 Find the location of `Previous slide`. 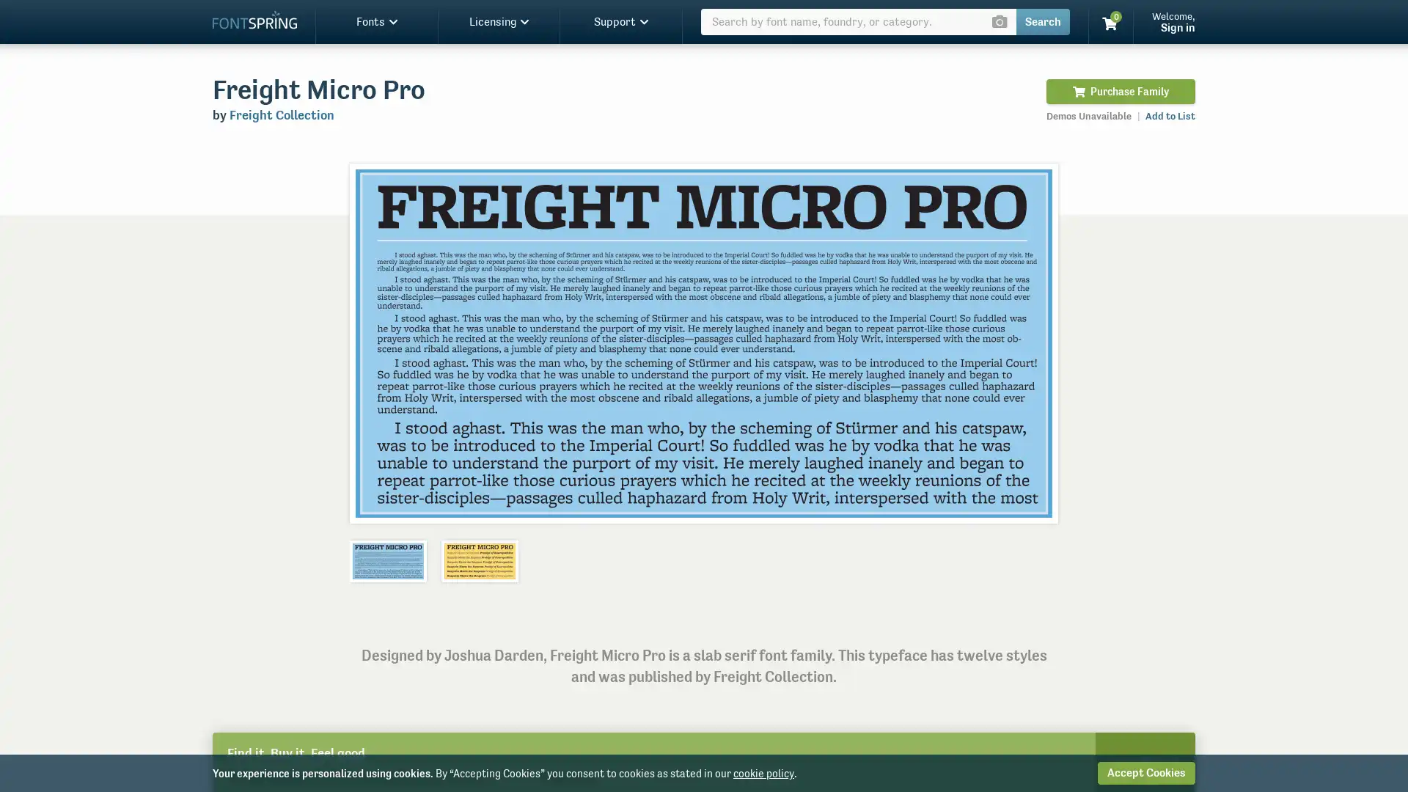

Previous slide is located at coordinates (376, 342).